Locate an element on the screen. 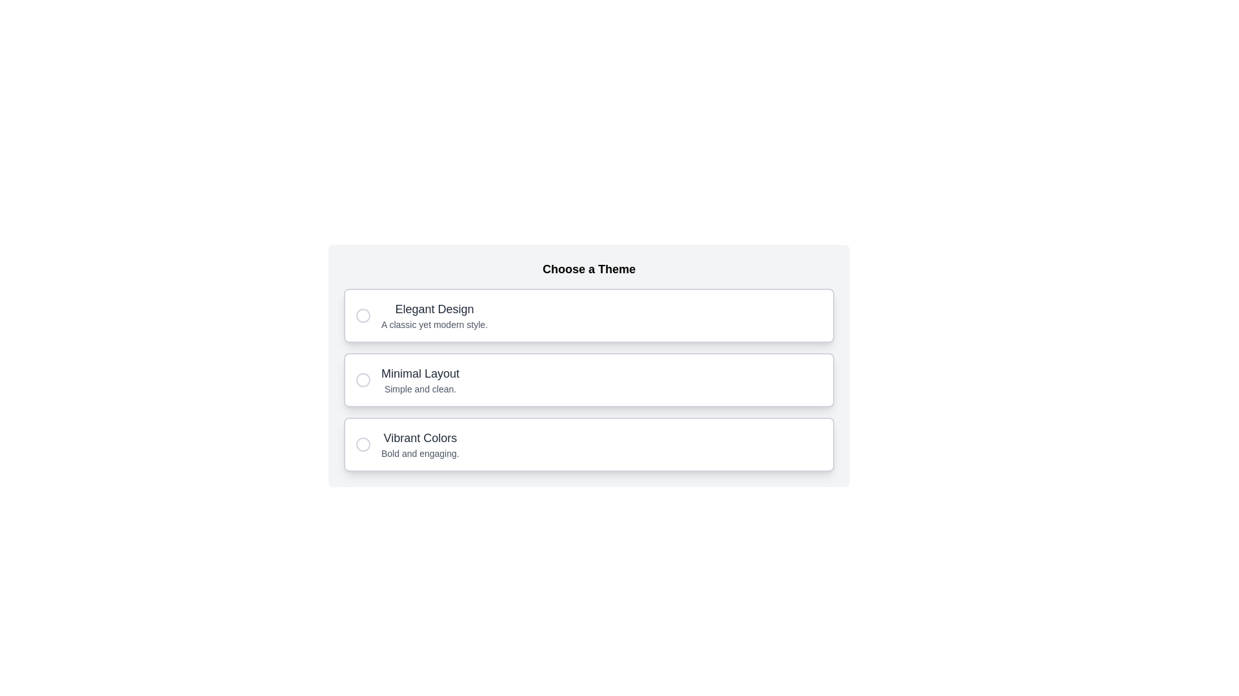  the text label reading 'Bold and engaging.' which is positioned below the bolded text 'Vibrant Colors' in the vertical list under 'Choose a Theme' is located at coordinates (420, 453).